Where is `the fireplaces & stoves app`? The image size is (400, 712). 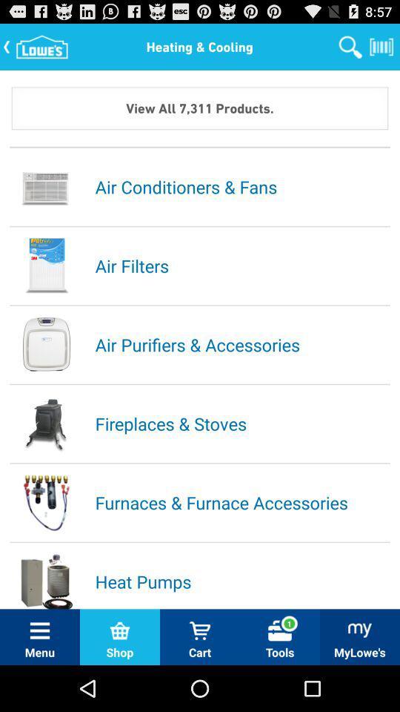 the fireplaces & stoves app is located at coordinates (241, 423).